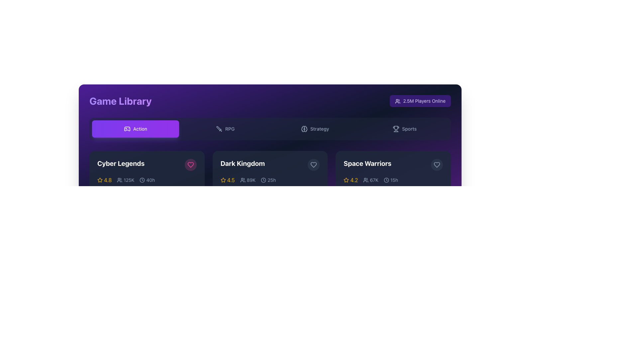 Image resolution: width=638 pixels, height=359 pixels. Describe the element at coordinates (190, 165) in the screenshot. I see `the pink heart icon located within the circular button at the top-right corner of the 'Cyber Legends' game card to trigger additional information or animation effect` at that location.